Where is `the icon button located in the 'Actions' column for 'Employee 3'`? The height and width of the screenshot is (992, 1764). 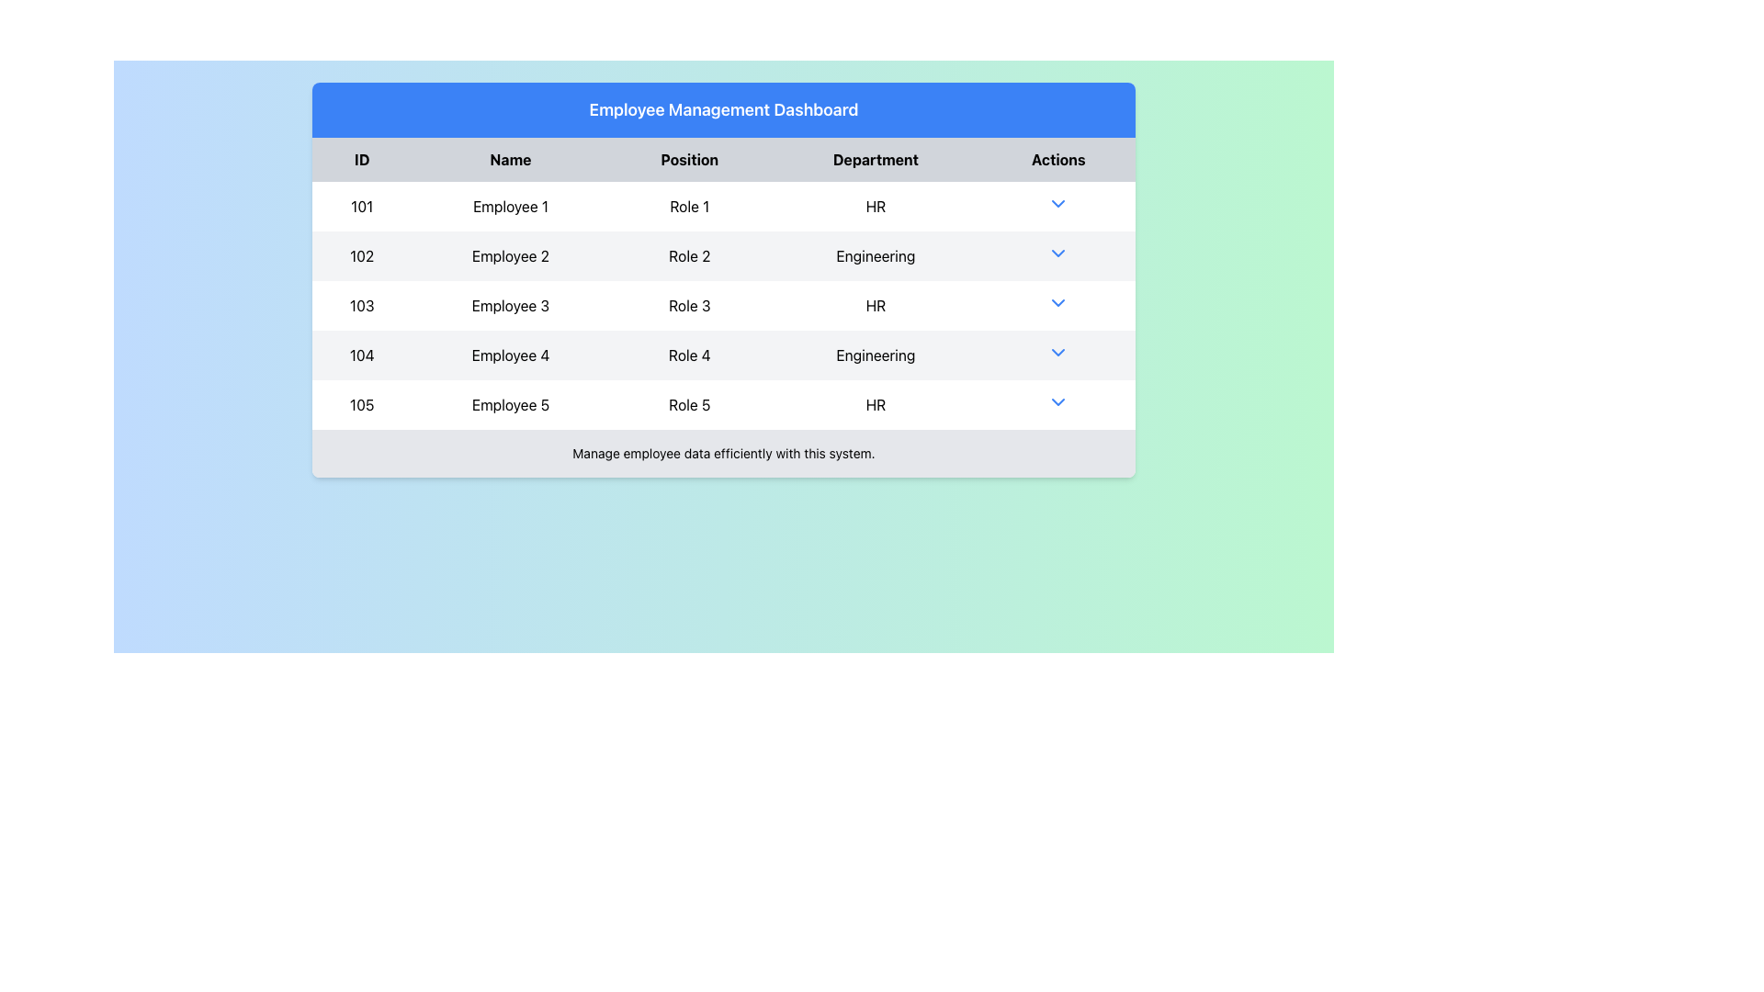 the icon button located in the 'Actions' column for 'Employee 3' is located at coordinates (1058, 302).